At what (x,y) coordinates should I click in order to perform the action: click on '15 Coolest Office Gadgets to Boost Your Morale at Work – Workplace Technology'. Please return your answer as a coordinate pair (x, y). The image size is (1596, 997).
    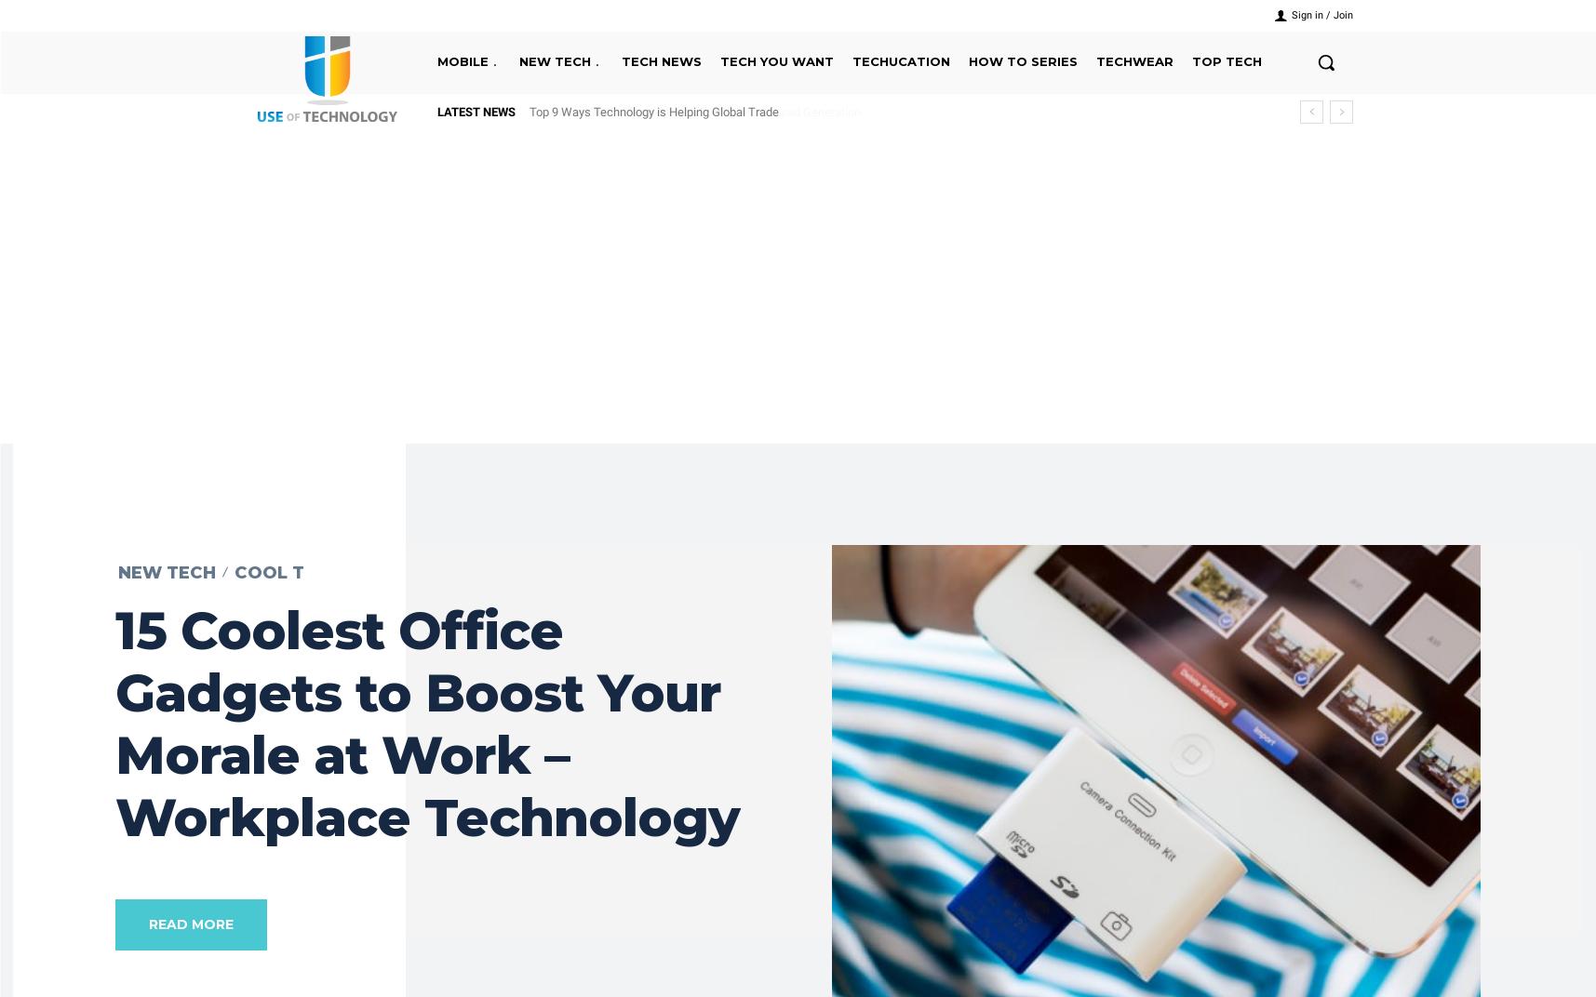
    Looking at the image, I should click on (427, 723).